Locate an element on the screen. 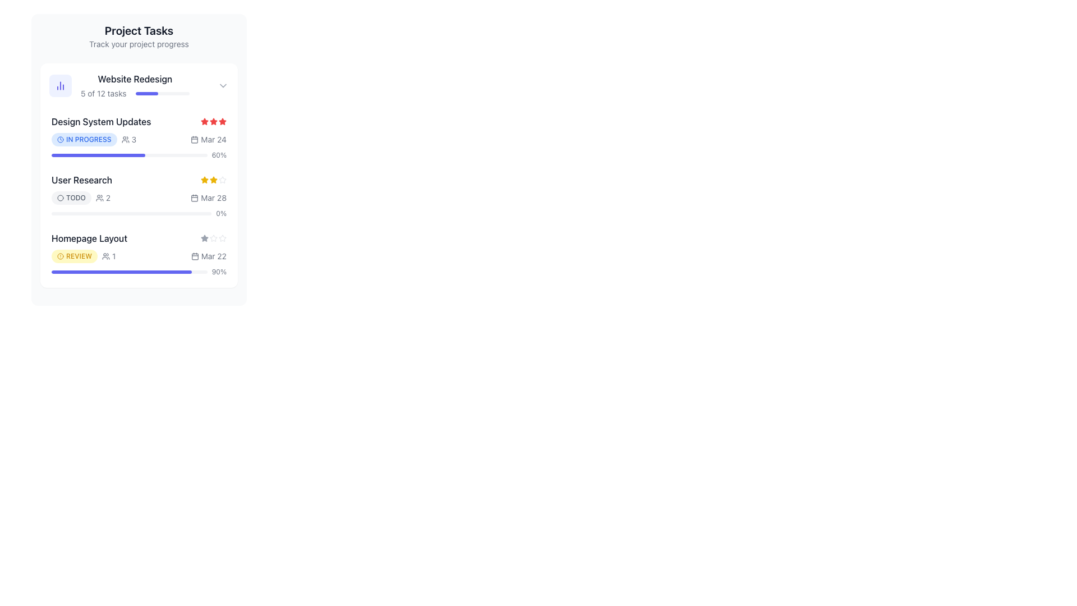 The height and width of the screenshot is (606, 1077). the completed portion of the progress bar in the 'Website Redesign' section, which is styled with a purple fill and indicates 41.67% completion is located at coordinates (146, 93).